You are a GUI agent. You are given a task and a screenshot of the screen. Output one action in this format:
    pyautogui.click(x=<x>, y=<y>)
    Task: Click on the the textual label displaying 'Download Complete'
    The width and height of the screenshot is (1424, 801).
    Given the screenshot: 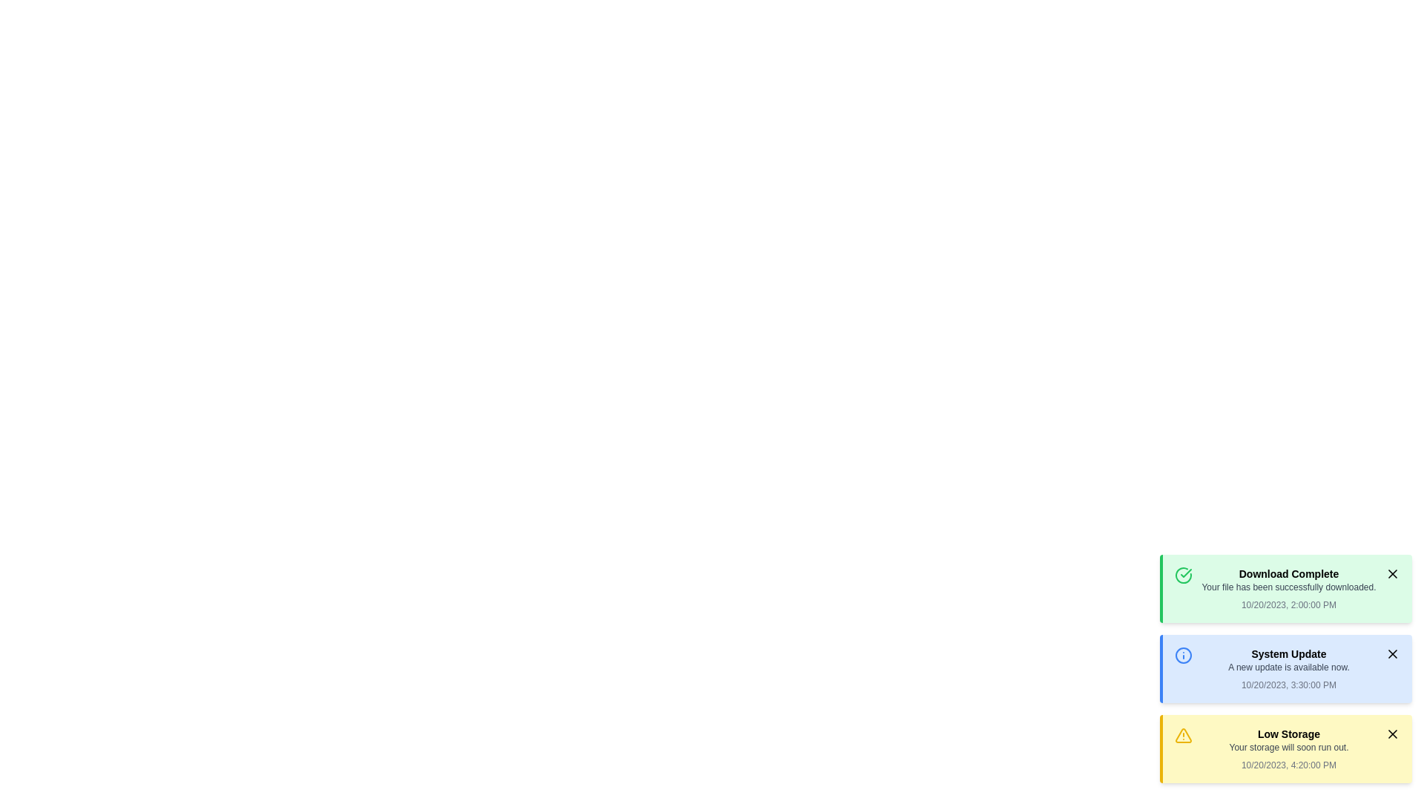 What is the action you would take?
    pyautogui.click(x=1288, y=573)
    